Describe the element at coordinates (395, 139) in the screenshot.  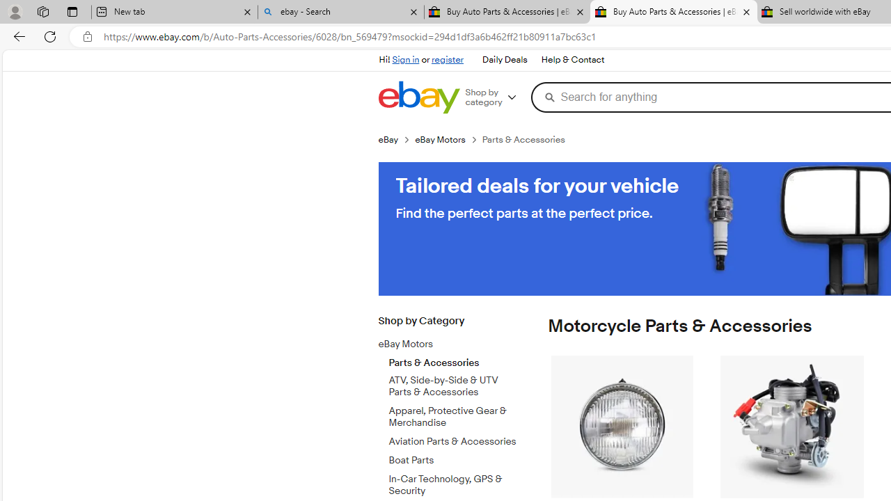
I see `'eBay'` at that location.